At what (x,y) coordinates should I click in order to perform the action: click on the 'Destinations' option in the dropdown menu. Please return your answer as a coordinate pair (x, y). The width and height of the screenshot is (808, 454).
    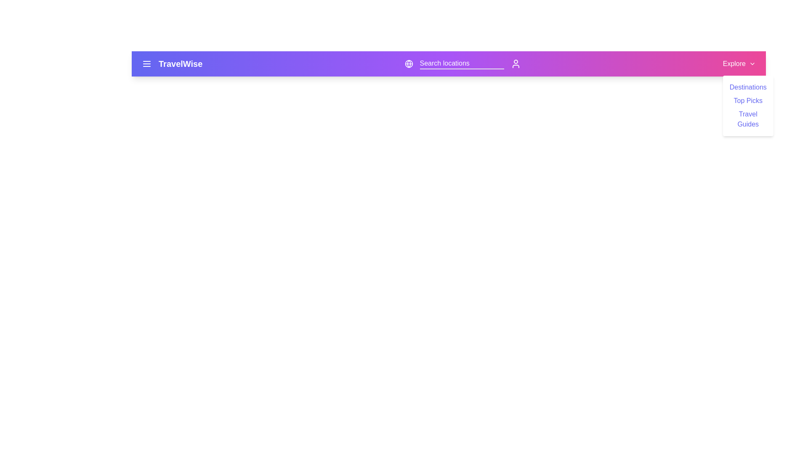
    Looking at the image, I should click on (748, 87).